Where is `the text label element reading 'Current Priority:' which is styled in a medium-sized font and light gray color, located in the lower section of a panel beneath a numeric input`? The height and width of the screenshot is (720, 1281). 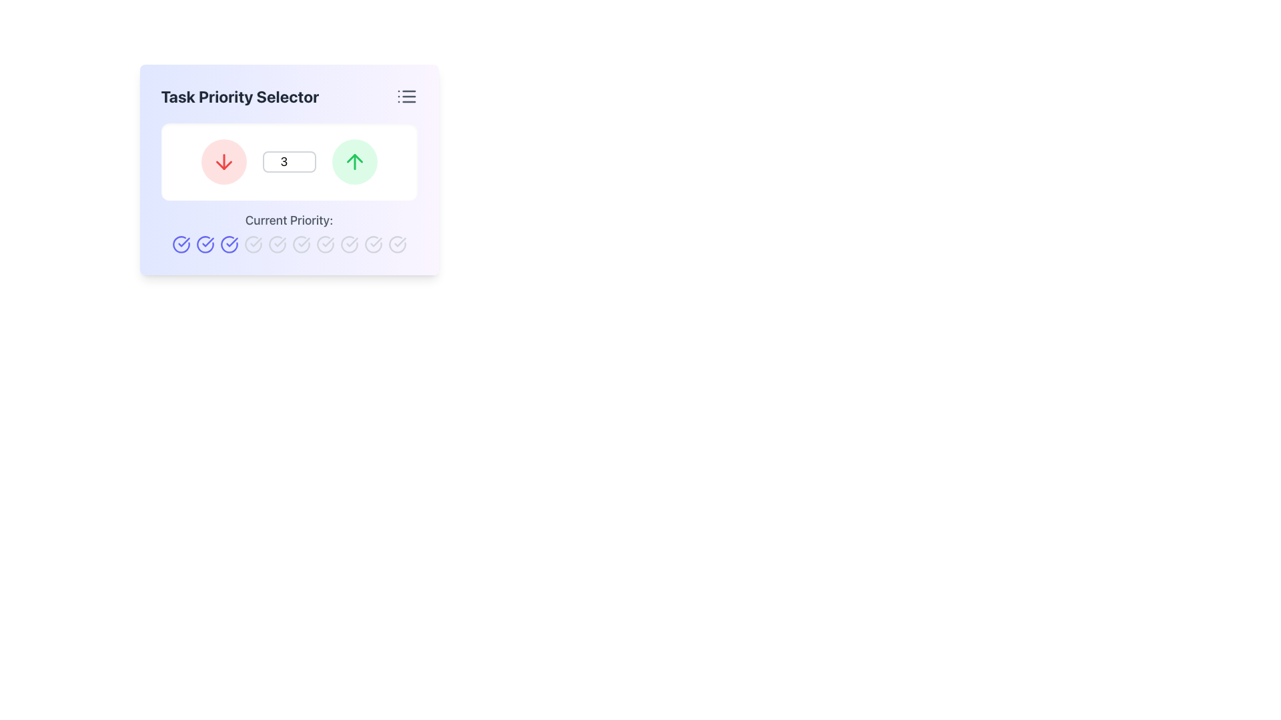
the text label element reading 'Current Priority:' which is styled in a medium-sized font and light gray color, located in the lower section of a panel beneath a numeric input is located at coordinates (288, 220).